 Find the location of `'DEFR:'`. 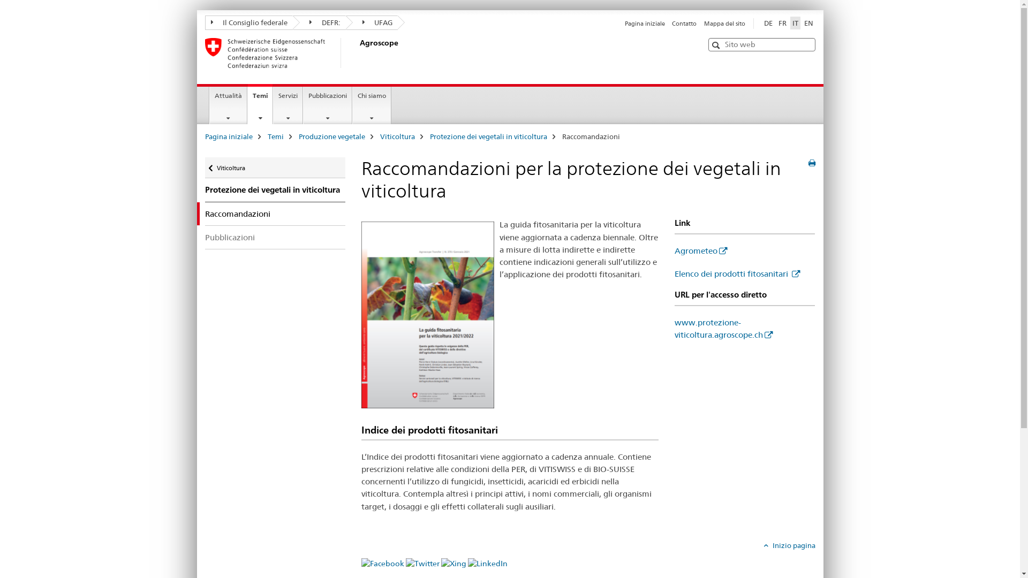

'DEFR:' is located at coordinates (319, 22).